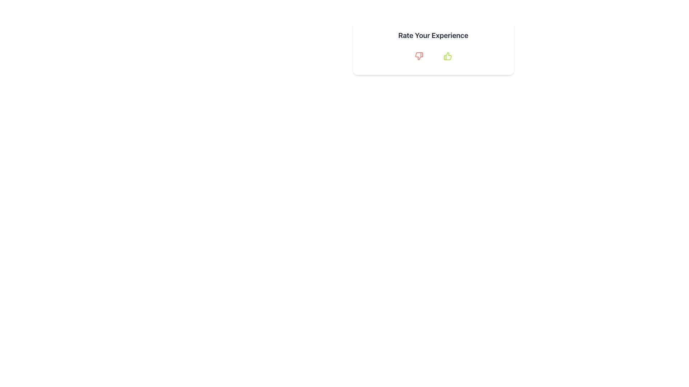 The width and height of the screenshot is (689, 387). Describe the element at coordinates (419, 56) in the screenshot. I see `the red thumbs-down icon, which is styled with a curved thumb and outlines in bold stroke, located on the left side of the feedback options within a rectangular card area` at that location.